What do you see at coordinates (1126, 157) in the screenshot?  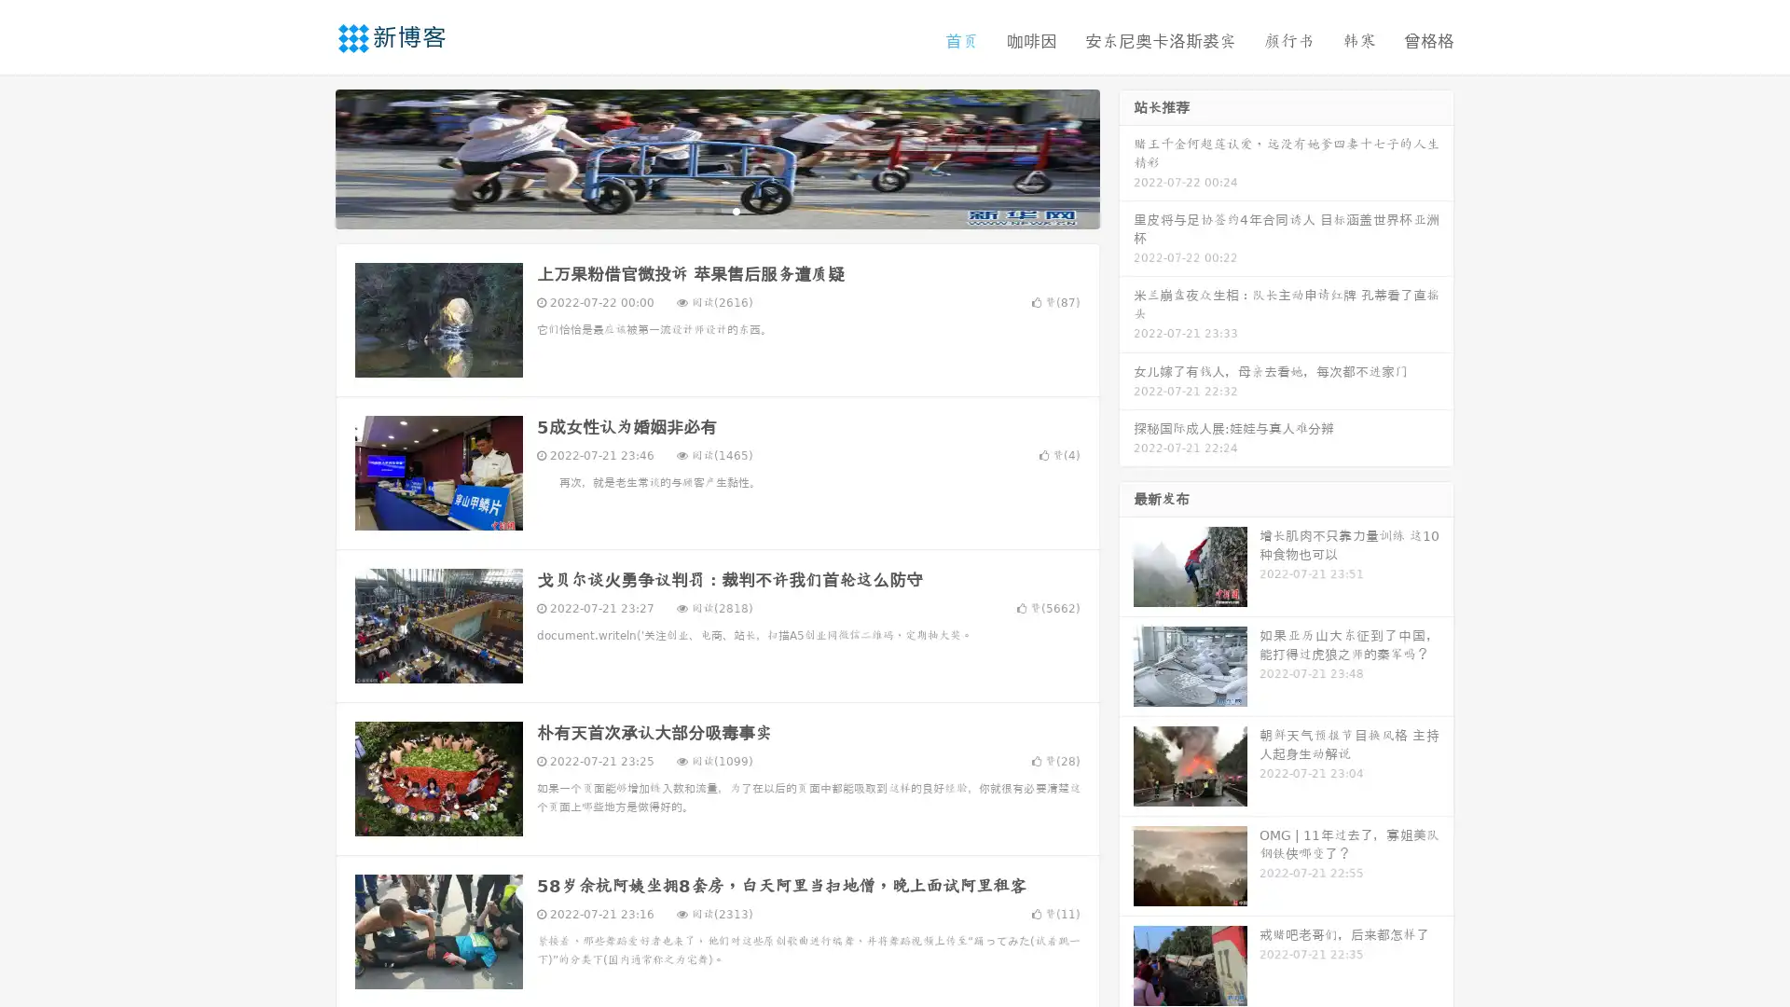 I see `Next slide` at bounding box center [1126, 157].